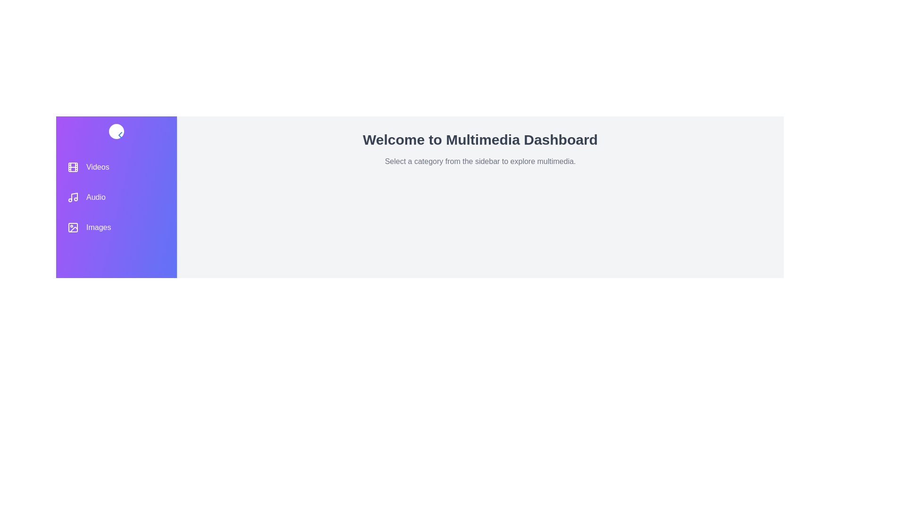 Image resolution: width=906 pixels, height=509 pixels. I want to click on the Audio section from the sidebar menu, so click(116, 197).